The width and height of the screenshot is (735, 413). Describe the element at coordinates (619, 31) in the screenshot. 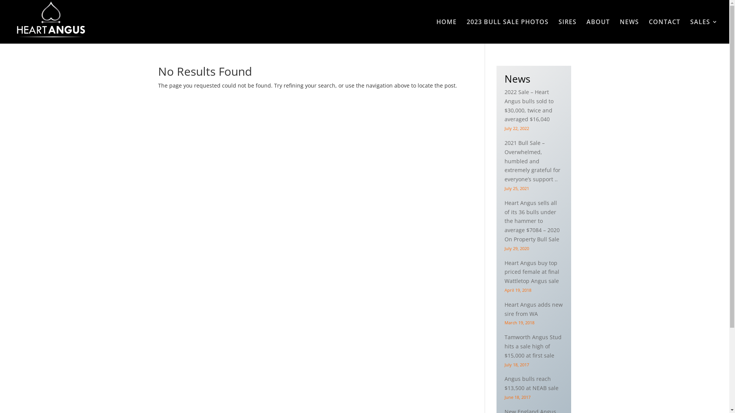

I see `'NEWS'` at that location.